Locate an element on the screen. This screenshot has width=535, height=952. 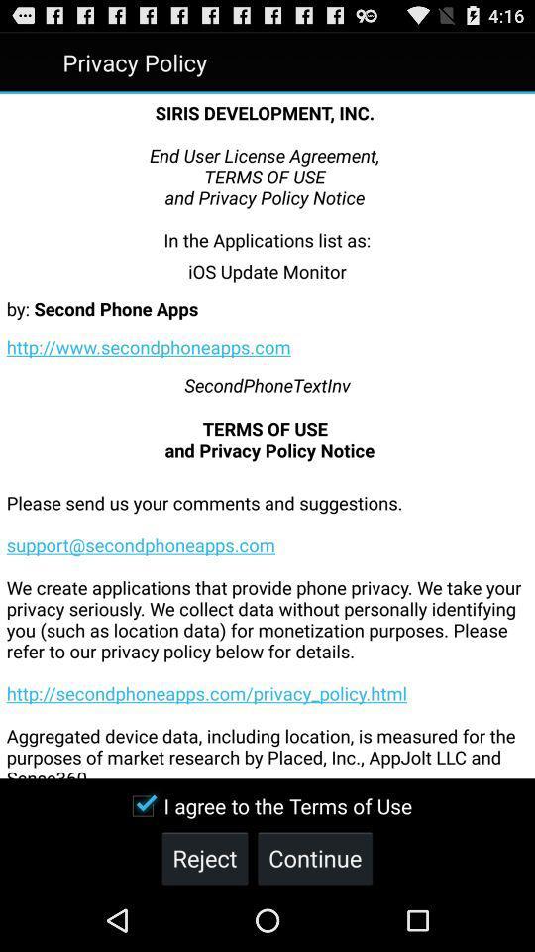
reject icon is located at coordinates (203, 857).